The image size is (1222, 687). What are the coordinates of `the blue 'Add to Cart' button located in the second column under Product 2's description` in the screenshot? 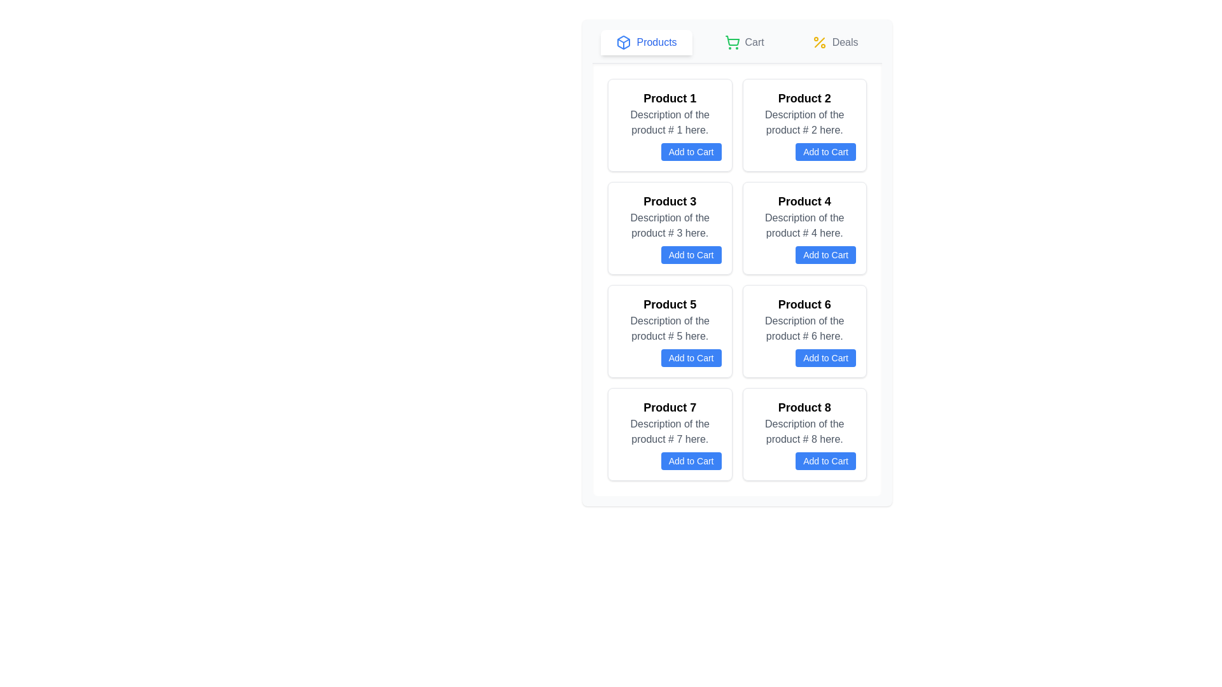 It's located at (825, 151).